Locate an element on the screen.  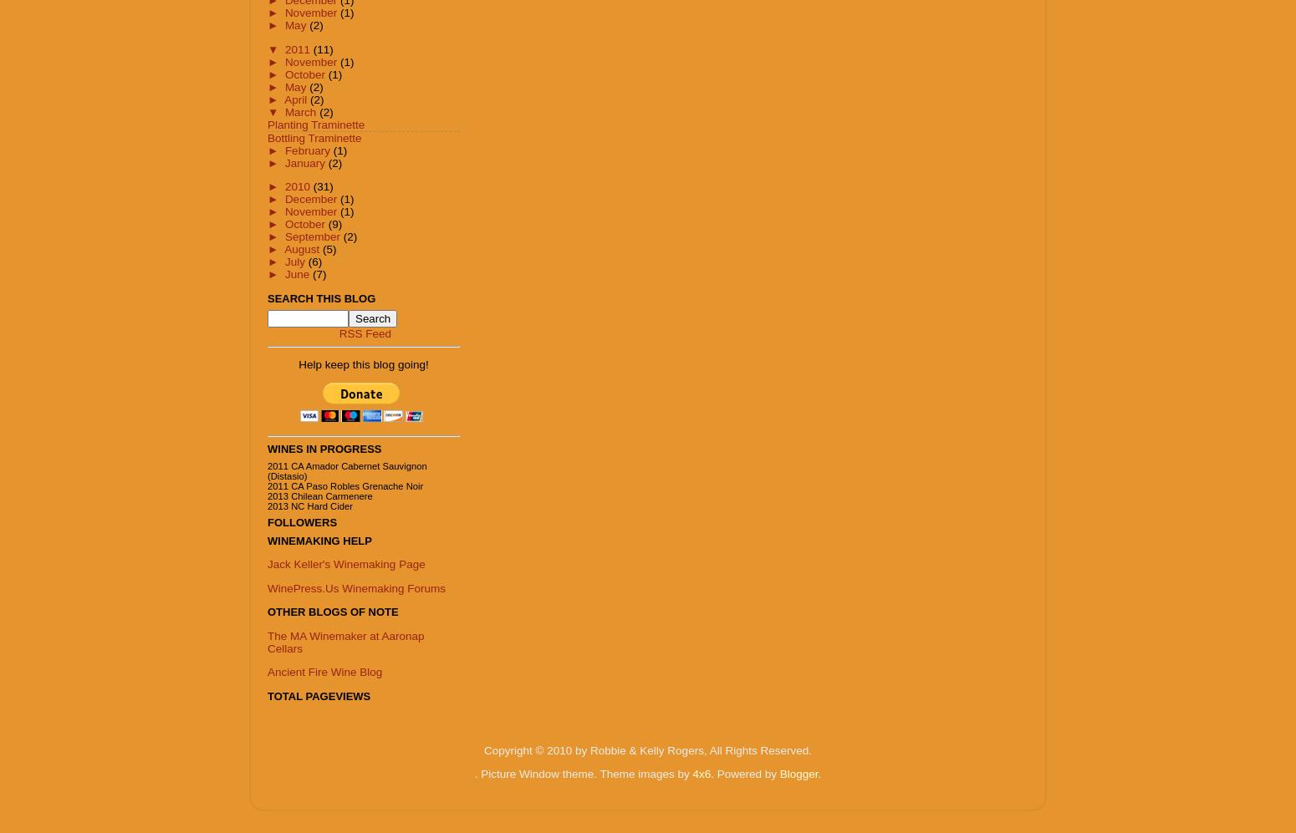
'August' is located at coordinates (302, 249).